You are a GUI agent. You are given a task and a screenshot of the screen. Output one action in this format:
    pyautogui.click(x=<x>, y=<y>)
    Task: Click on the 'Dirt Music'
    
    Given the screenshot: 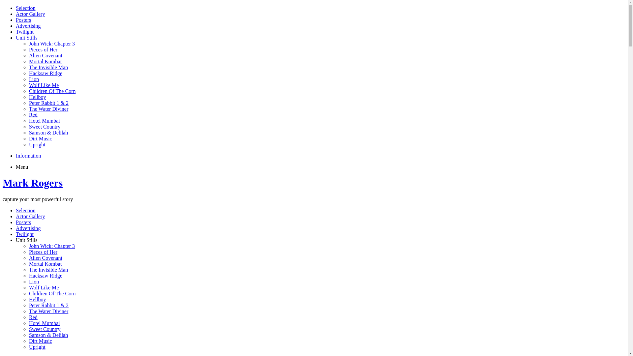 What is the action you would take?
    pyautogui.click(x=40, y=341)
    